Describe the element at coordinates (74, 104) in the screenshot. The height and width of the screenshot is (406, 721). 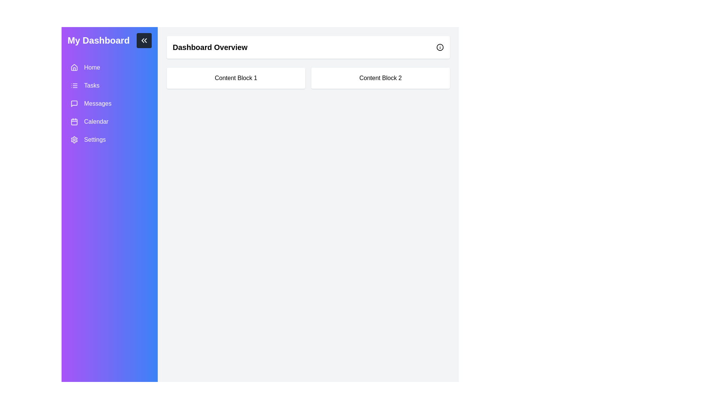
I see `the speech bubble icon in the sidebar menu, which is the third item before the 'Messages' text` at that location.